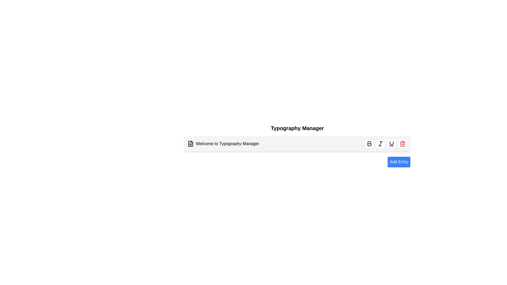  Describe the element at coordinates (369, 144) in the screenshot. I see `the bold icon 'B' in the toolbar` at that location.